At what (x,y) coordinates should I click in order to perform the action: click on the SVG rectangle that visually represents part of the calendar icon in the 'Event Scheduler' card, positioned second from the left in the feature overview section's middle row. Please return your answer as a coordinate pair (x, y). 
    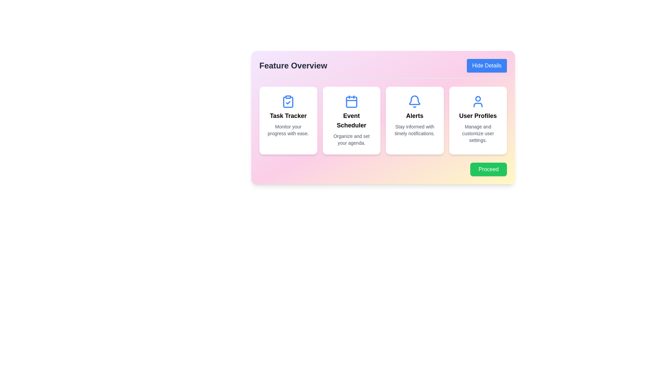
    Looking at the image, I should click on (351, 102).